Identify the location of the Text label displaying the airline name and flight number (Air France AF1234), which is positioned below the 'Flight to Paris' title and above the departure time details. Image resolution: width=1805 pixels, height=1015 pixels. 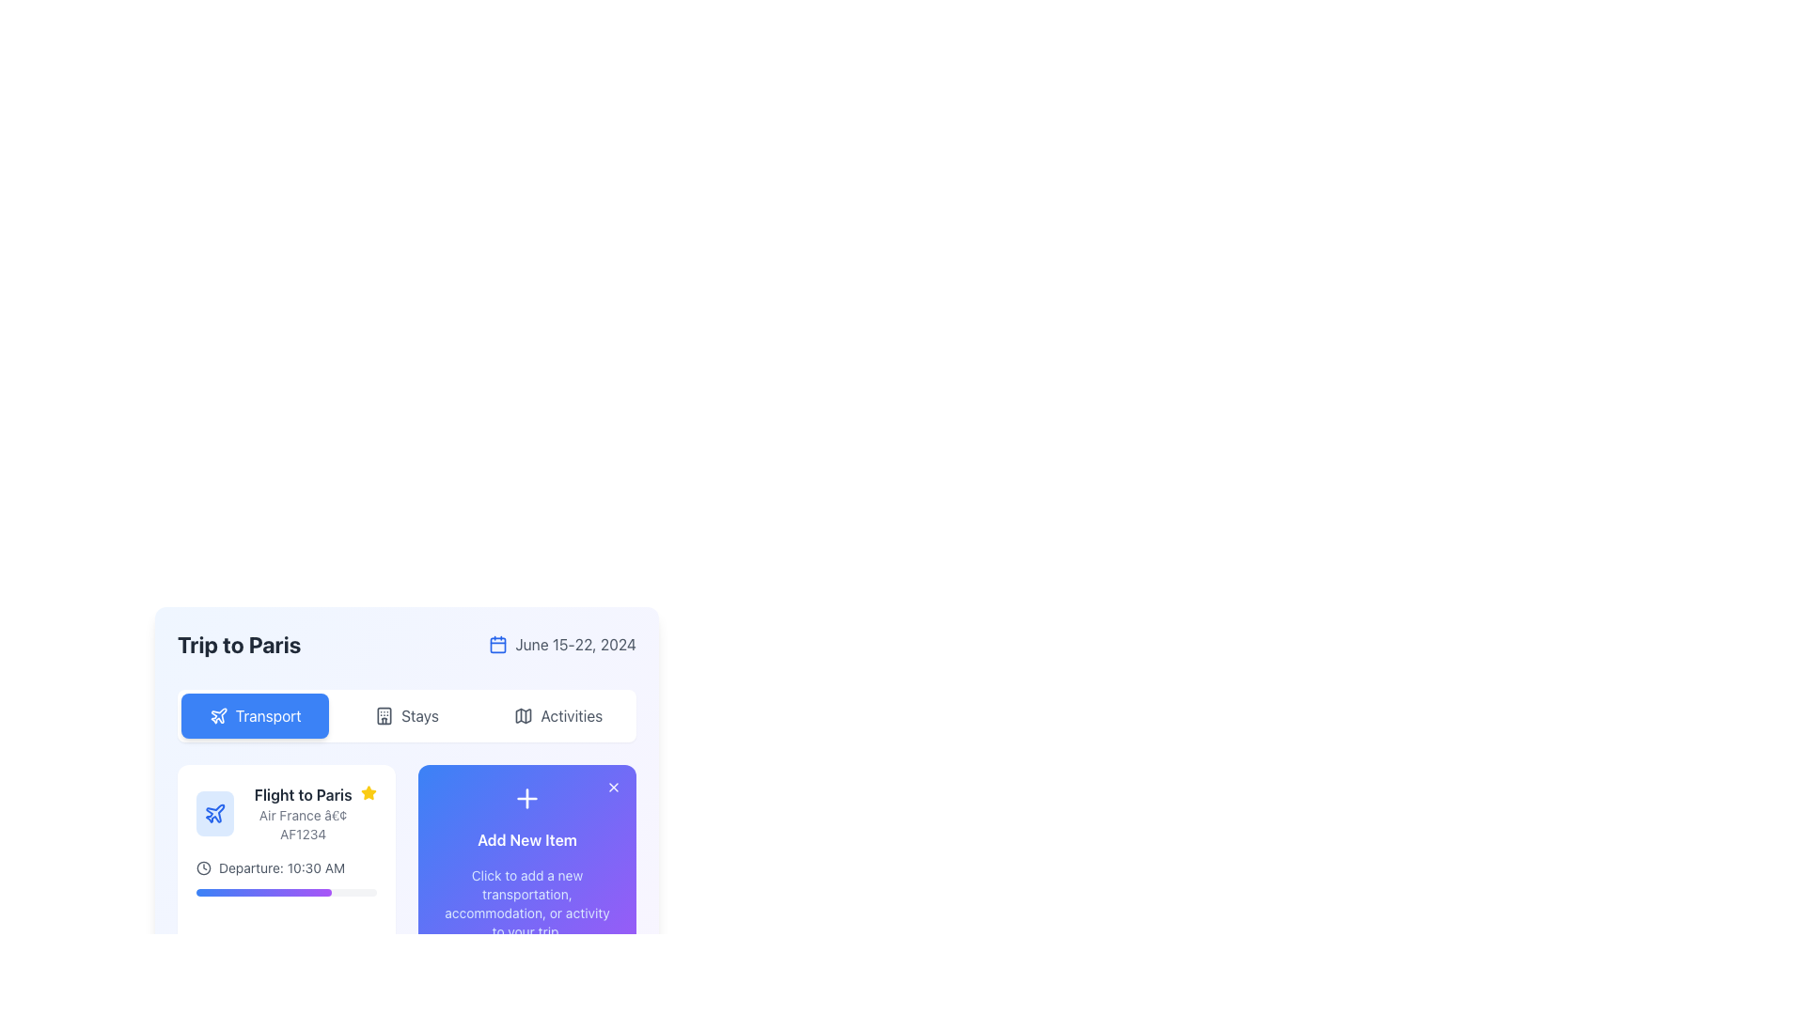
(303, 824).